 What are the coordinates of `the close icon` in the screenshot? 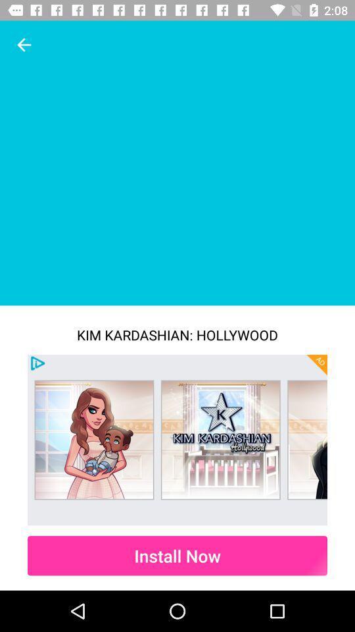 It's located at (316, 365).